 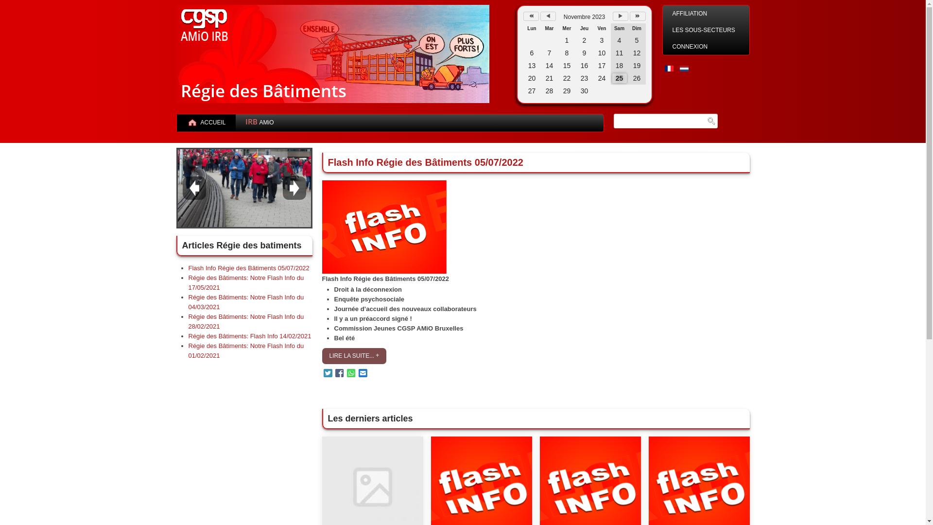 What do you see at coordinates (351, 356) in the screenshot?
I see `'LIRE LA SUITE...'` at bounding box center [351, 356].